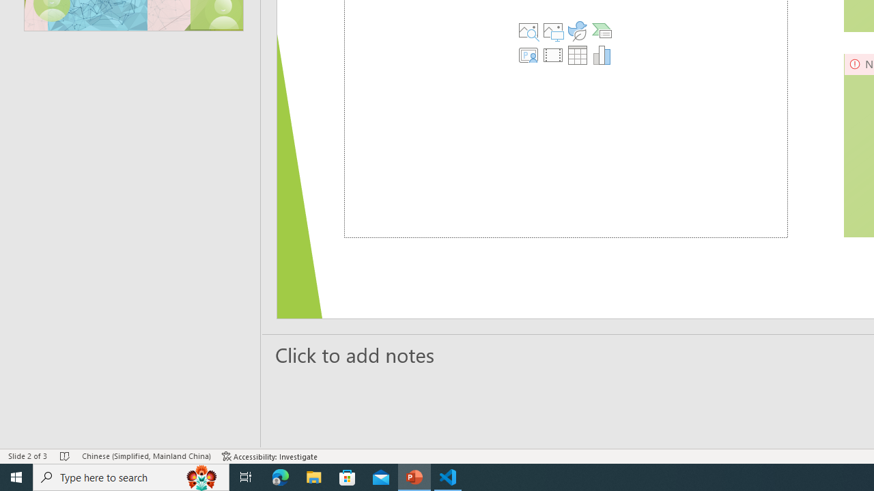  Describe the element at coordinates (577, 31) in the screenshot. I see `'Insert an Icon'` at that location.